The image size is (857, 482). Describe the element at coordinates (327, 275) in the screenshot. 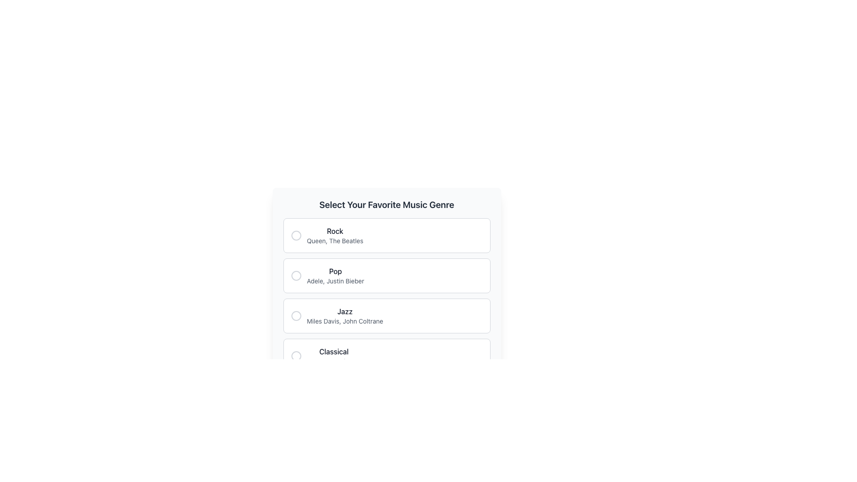

I see `the label 'Pop' of the radio button` at that location.